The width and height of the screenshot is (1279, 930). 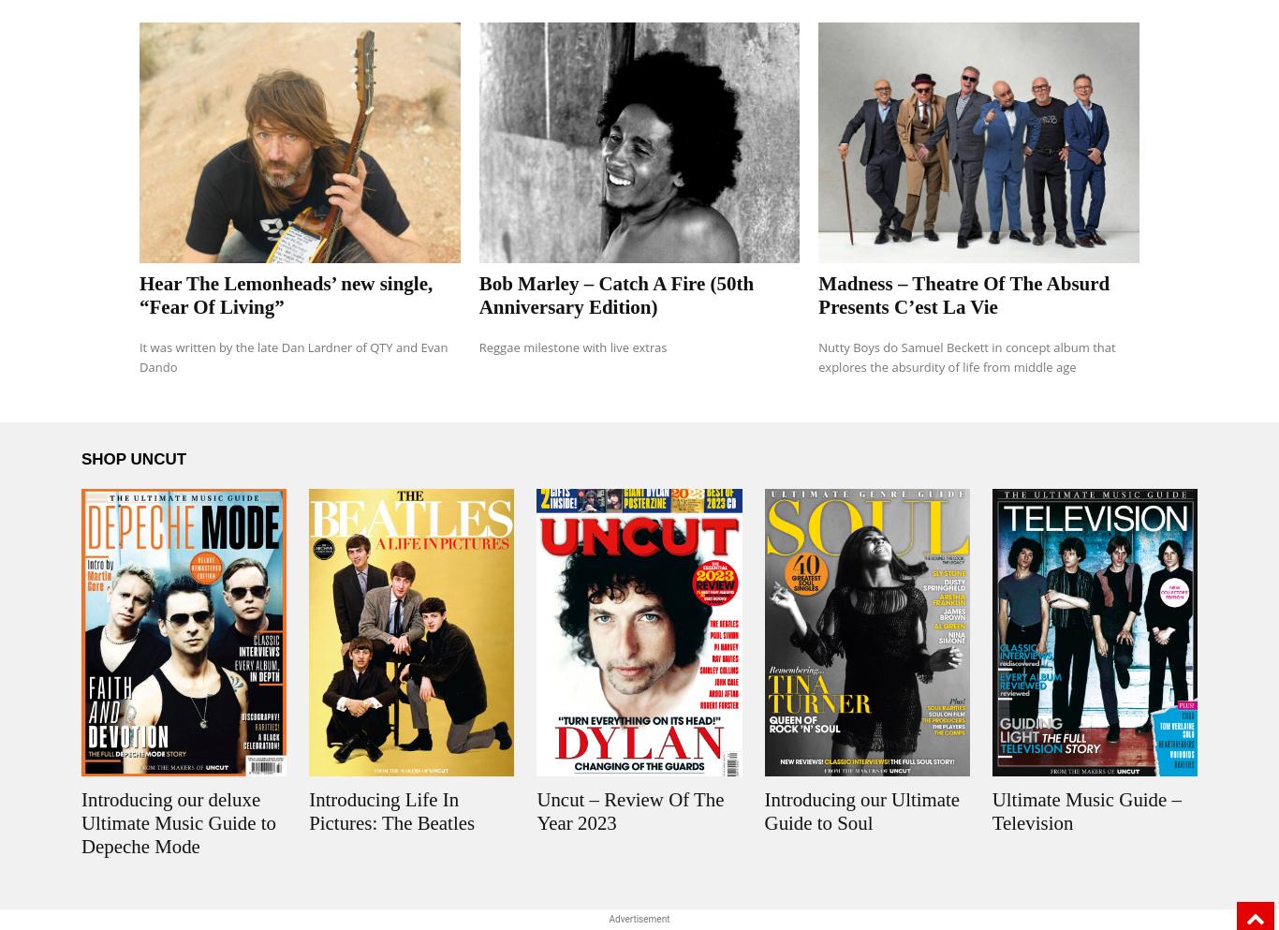 I want to click on 'Nutty Boys do Samuel Beckett in concept album that explores the absurdity of life from middle age', so click(x=965, y=357).